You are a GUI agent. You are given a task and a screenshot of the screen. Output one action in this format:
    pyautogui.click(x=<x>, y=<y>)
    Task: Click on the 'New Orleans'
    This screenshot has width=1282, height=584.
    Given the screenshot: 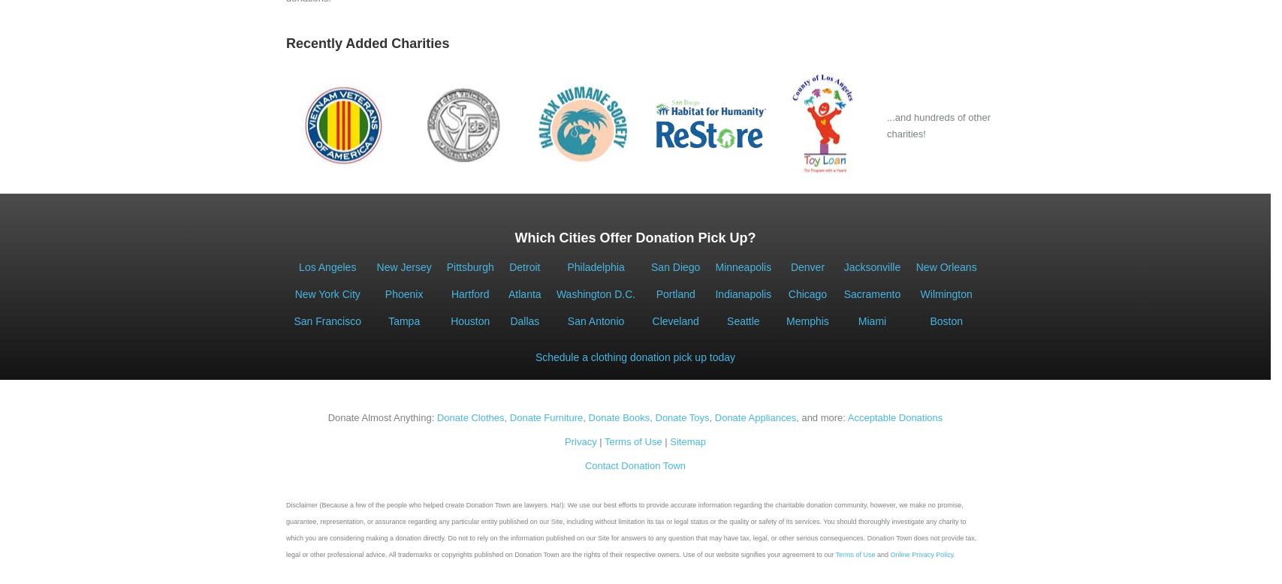 What is the action you would take?
    pyautogui.click(x=945, y=266)
    